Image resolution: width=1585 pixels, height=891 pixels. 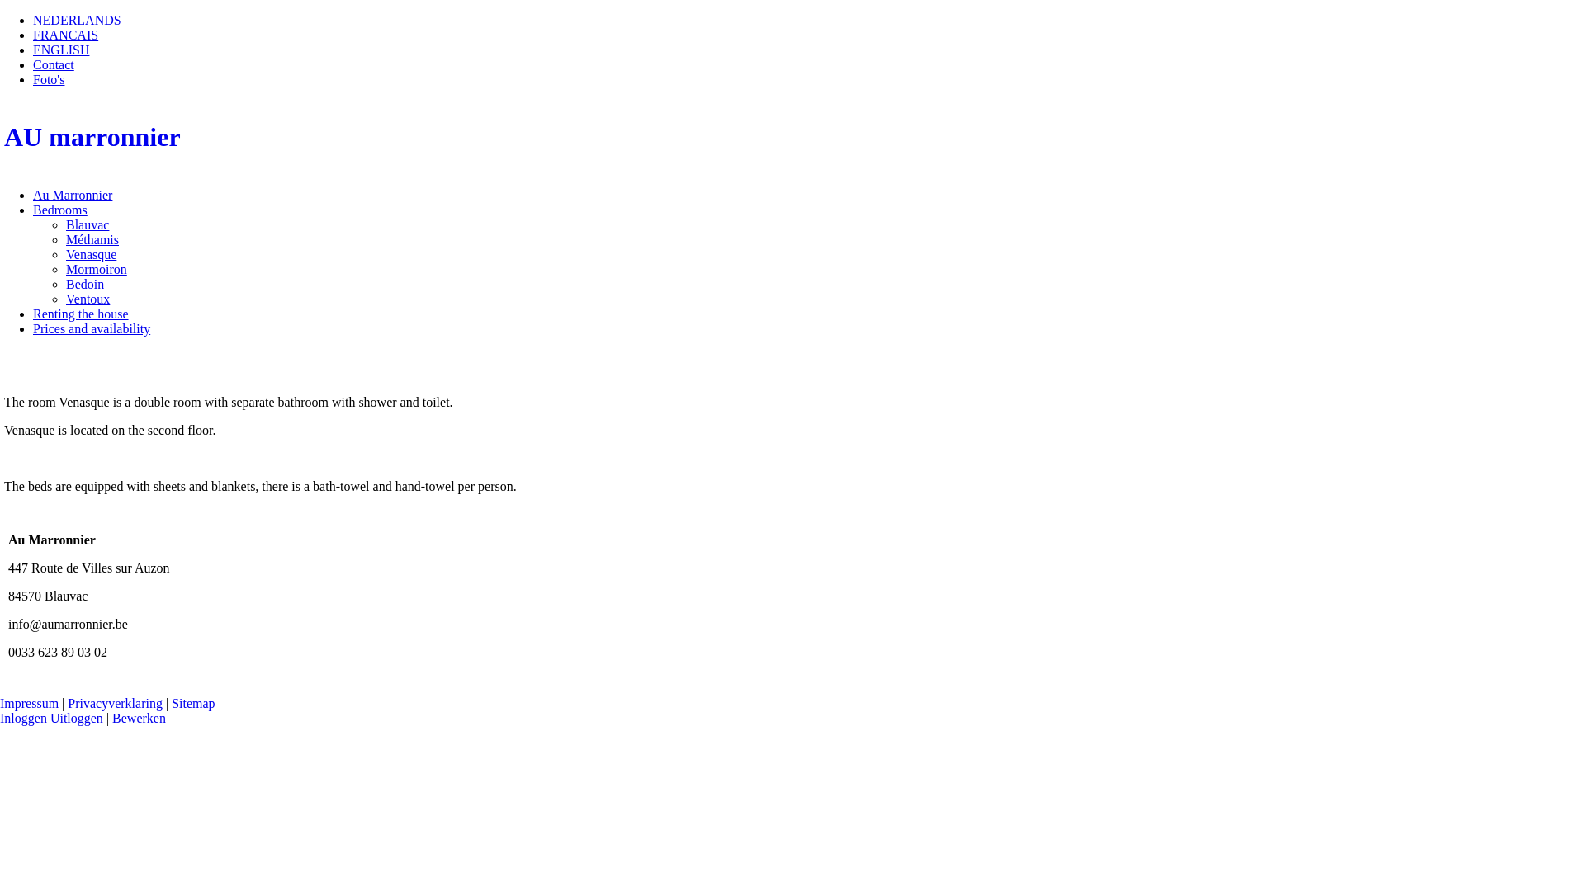 What do you see at coordinates (59, 209) in the screenshot?
I see `'Bedrooms'` at bounding box center [59, 209].